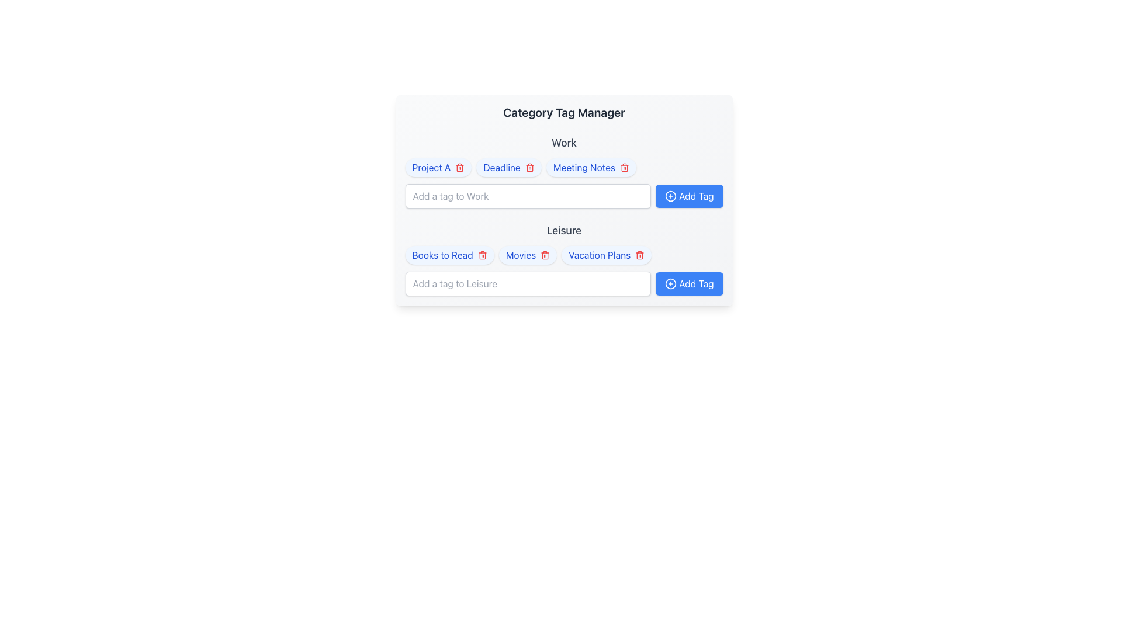 Image resolution: width=1122 pixels, height=631 pixels. What do you see at coordinates (671, 284) in the screenshot?
I see `the icon that visually represents the action to add a tag, located as the leftmost element within the 'Add Tag' button under the 'Leisure' section of the 'Category Tag Manager' interface` at bounding box center [671, 284].